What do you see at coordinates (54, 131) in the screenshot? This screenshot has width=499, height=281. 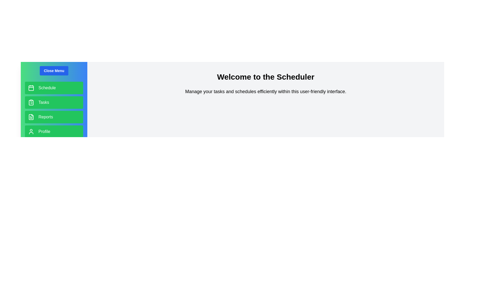 I see `the menu item Profile to observe its hover effect` at bounding box center [54, 131].